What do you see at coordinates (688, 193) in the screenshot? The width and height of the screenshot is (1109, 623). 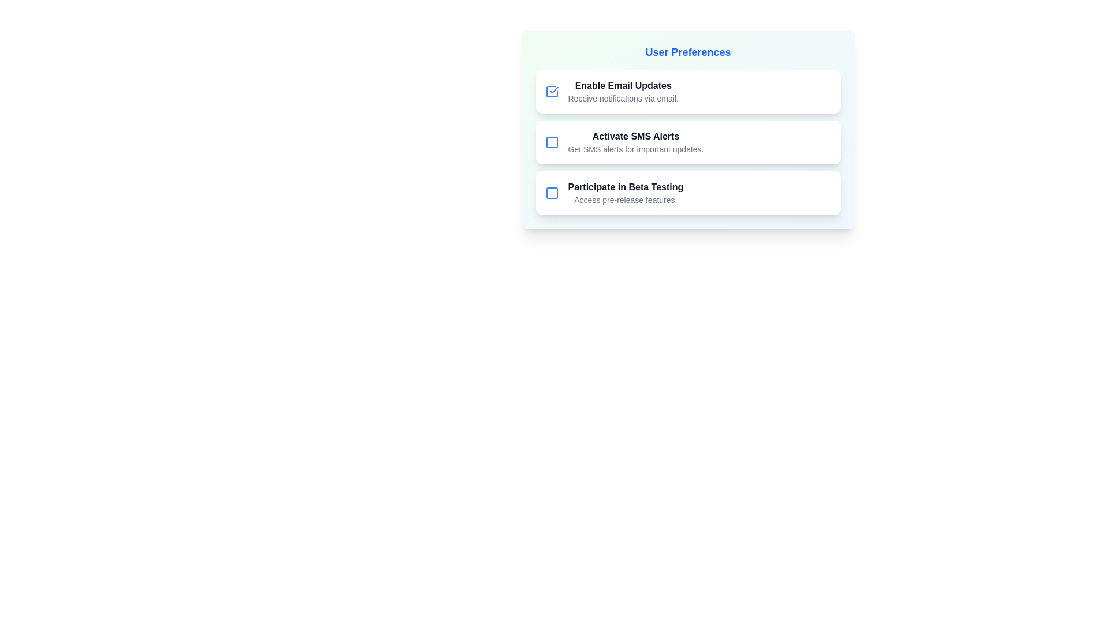 I see `the 'Participate in Beta Testing' Option Card for reordering, identified by its white background, rounded corners, and shadow effect, positioned below the 'Activate SMS Alerts' card in the 'User Preferences' section` at bounding box center [688, 193].